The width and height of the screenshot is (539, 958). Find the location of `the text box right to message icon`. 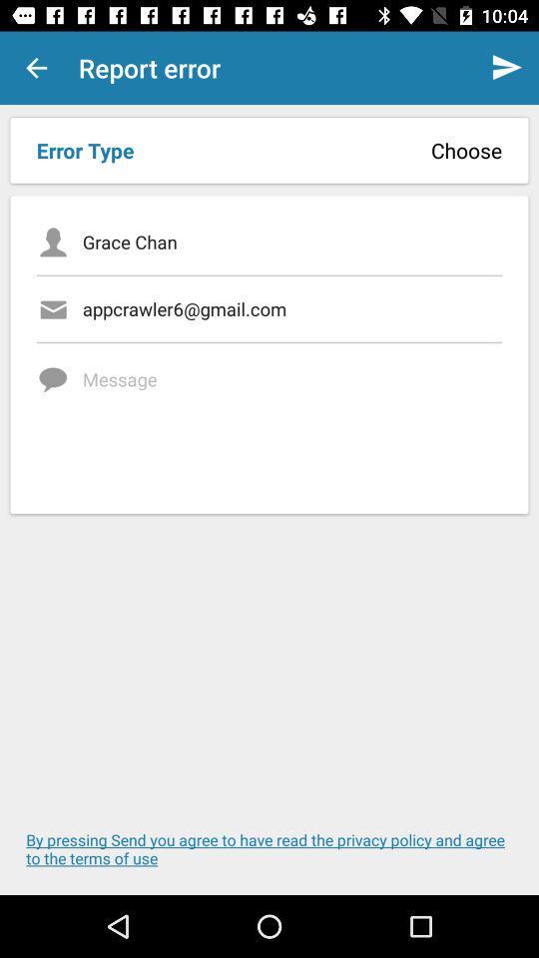

the text box right to message icon is located at coordinates (291, 421).